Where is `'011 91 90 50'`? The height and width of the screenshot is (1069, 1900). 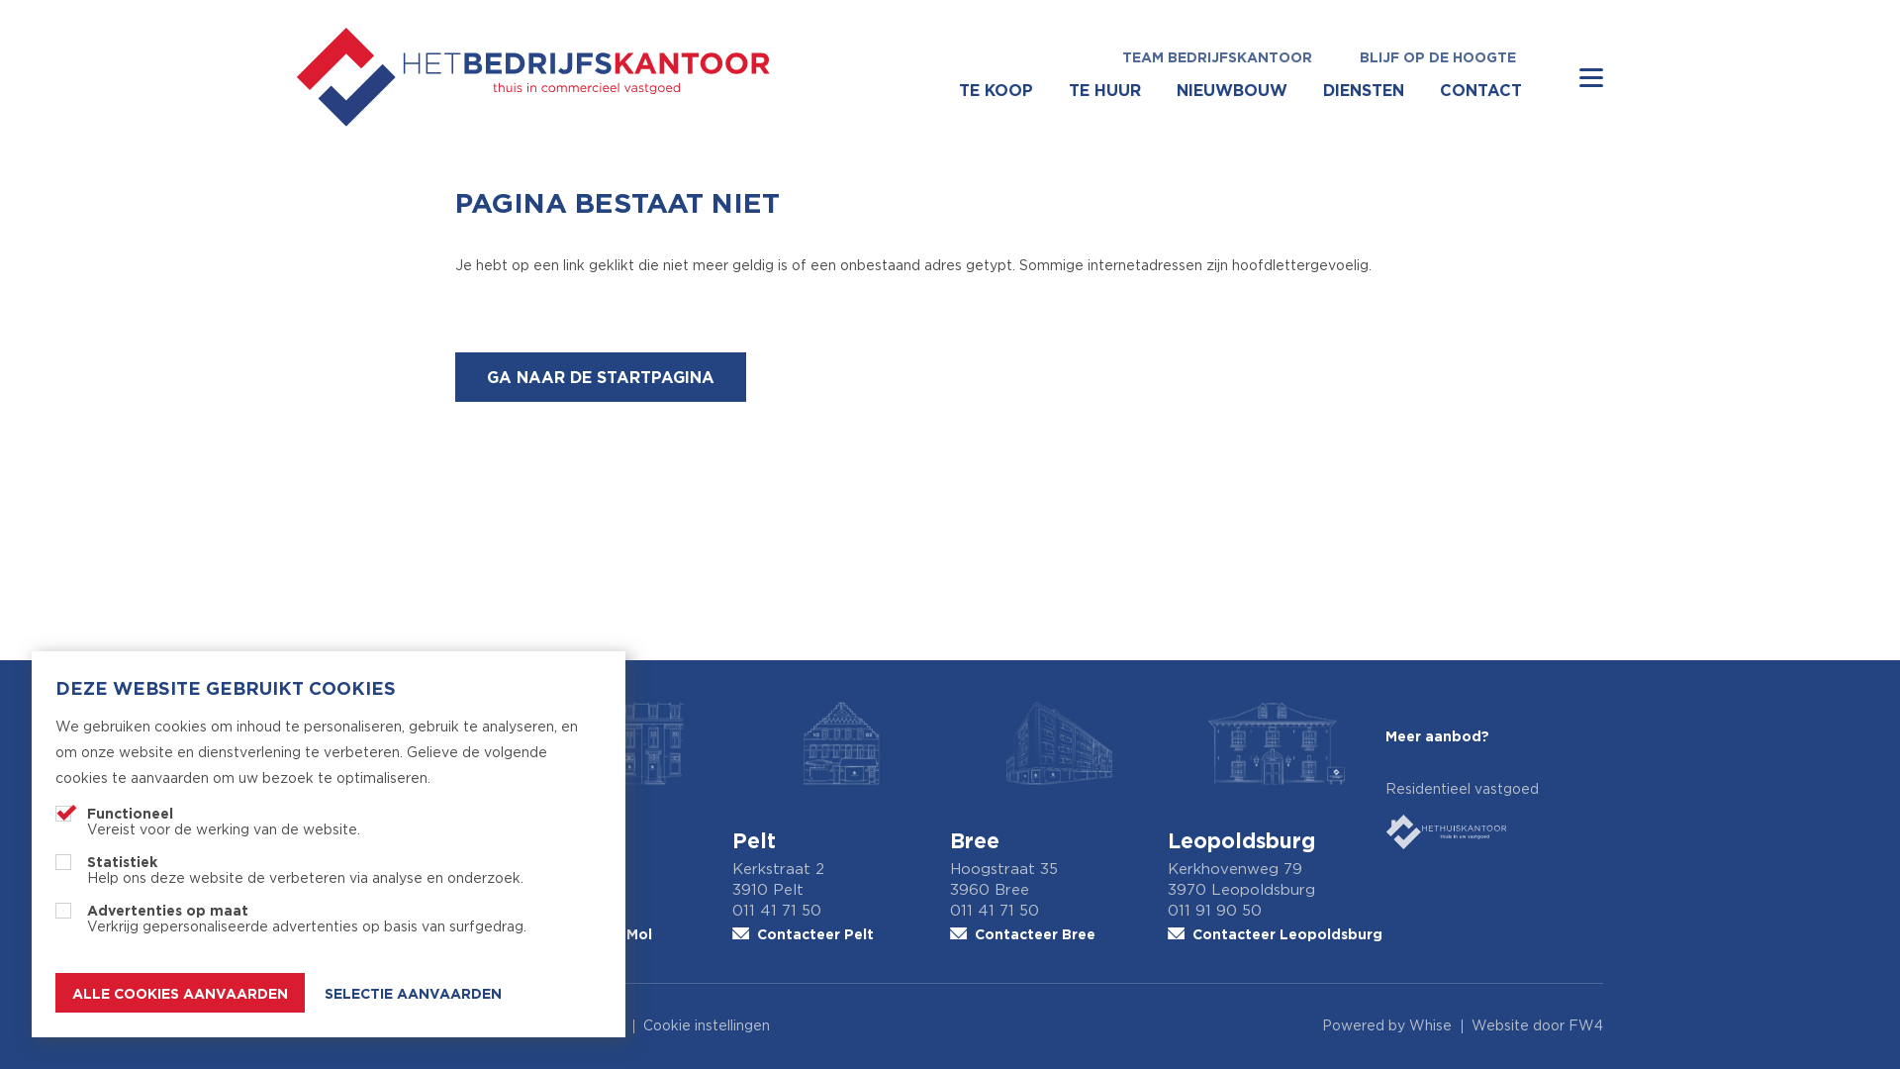
'011 91 90 50' is located at coordinates (1277, 911).